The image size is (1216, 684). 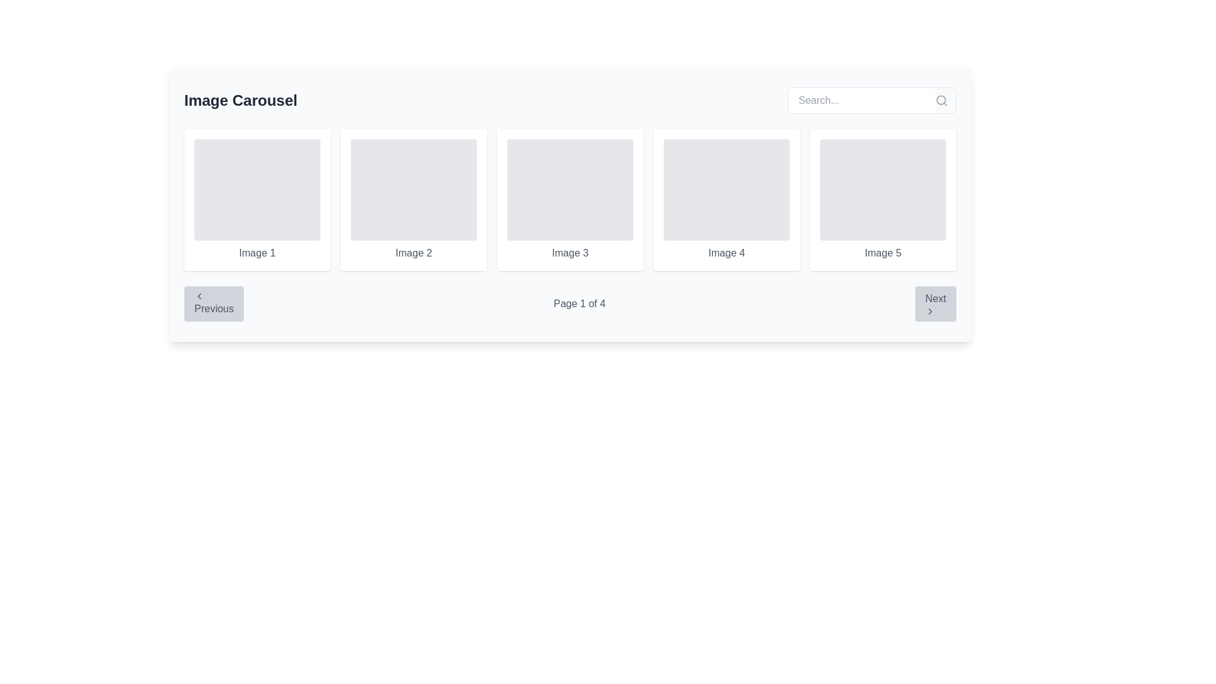 What do you see at coordinates (214, 303) in the screenshot?
I see `the 'Previous' button, which is a rectangular button with a gray background and rounded corners, located in the bottom-left corner of the 'Image Carousel' section` at bounding box center [214, 303].